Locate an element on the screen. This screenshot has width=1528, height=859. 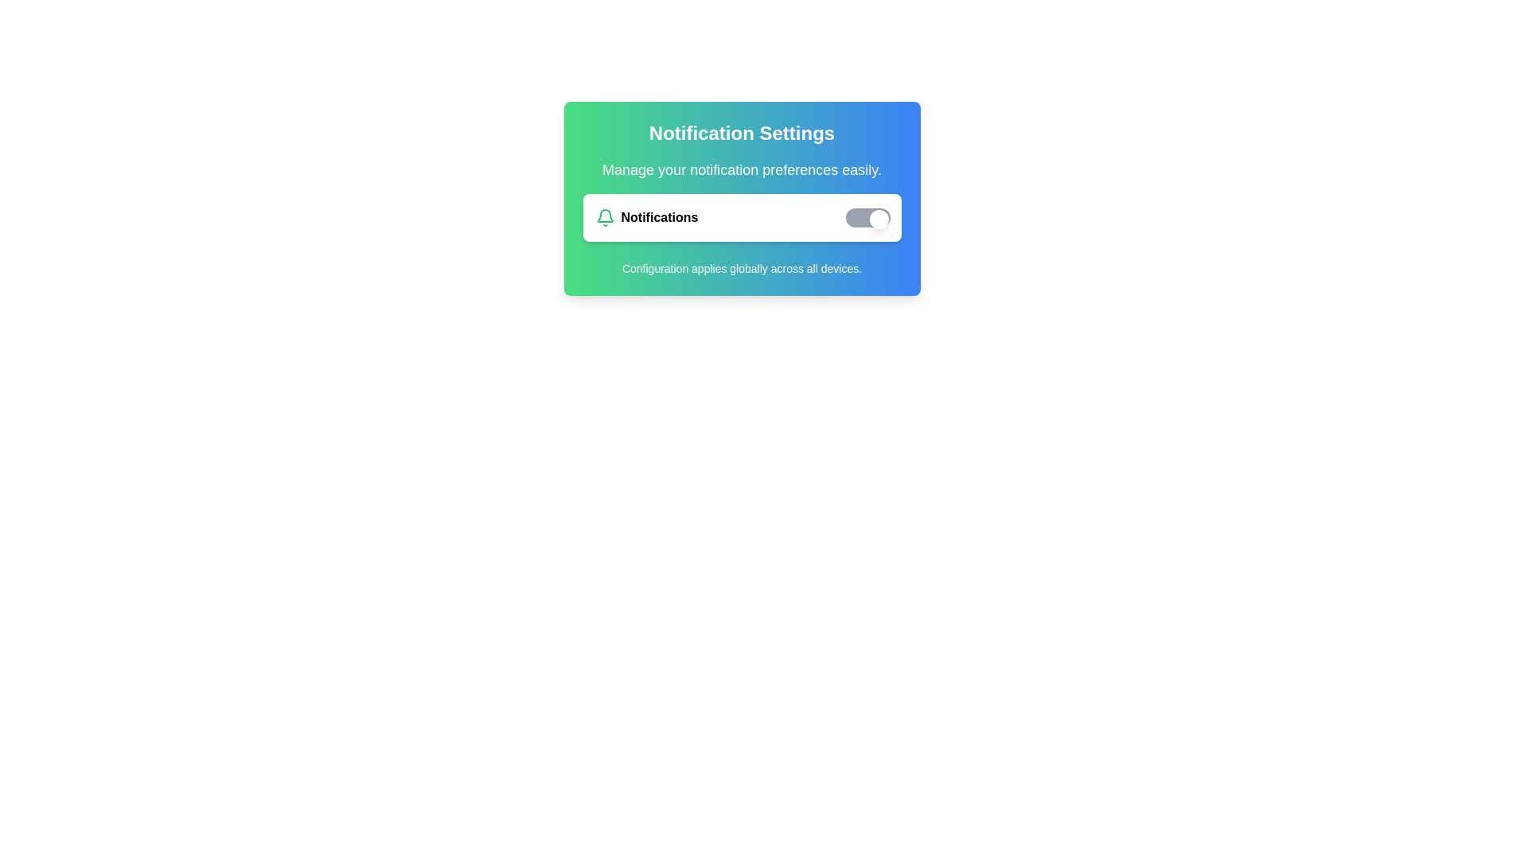
the green bell icon representing notifications, which is located to the left of the word 'Notifications' is located at coordinates (604, 217).